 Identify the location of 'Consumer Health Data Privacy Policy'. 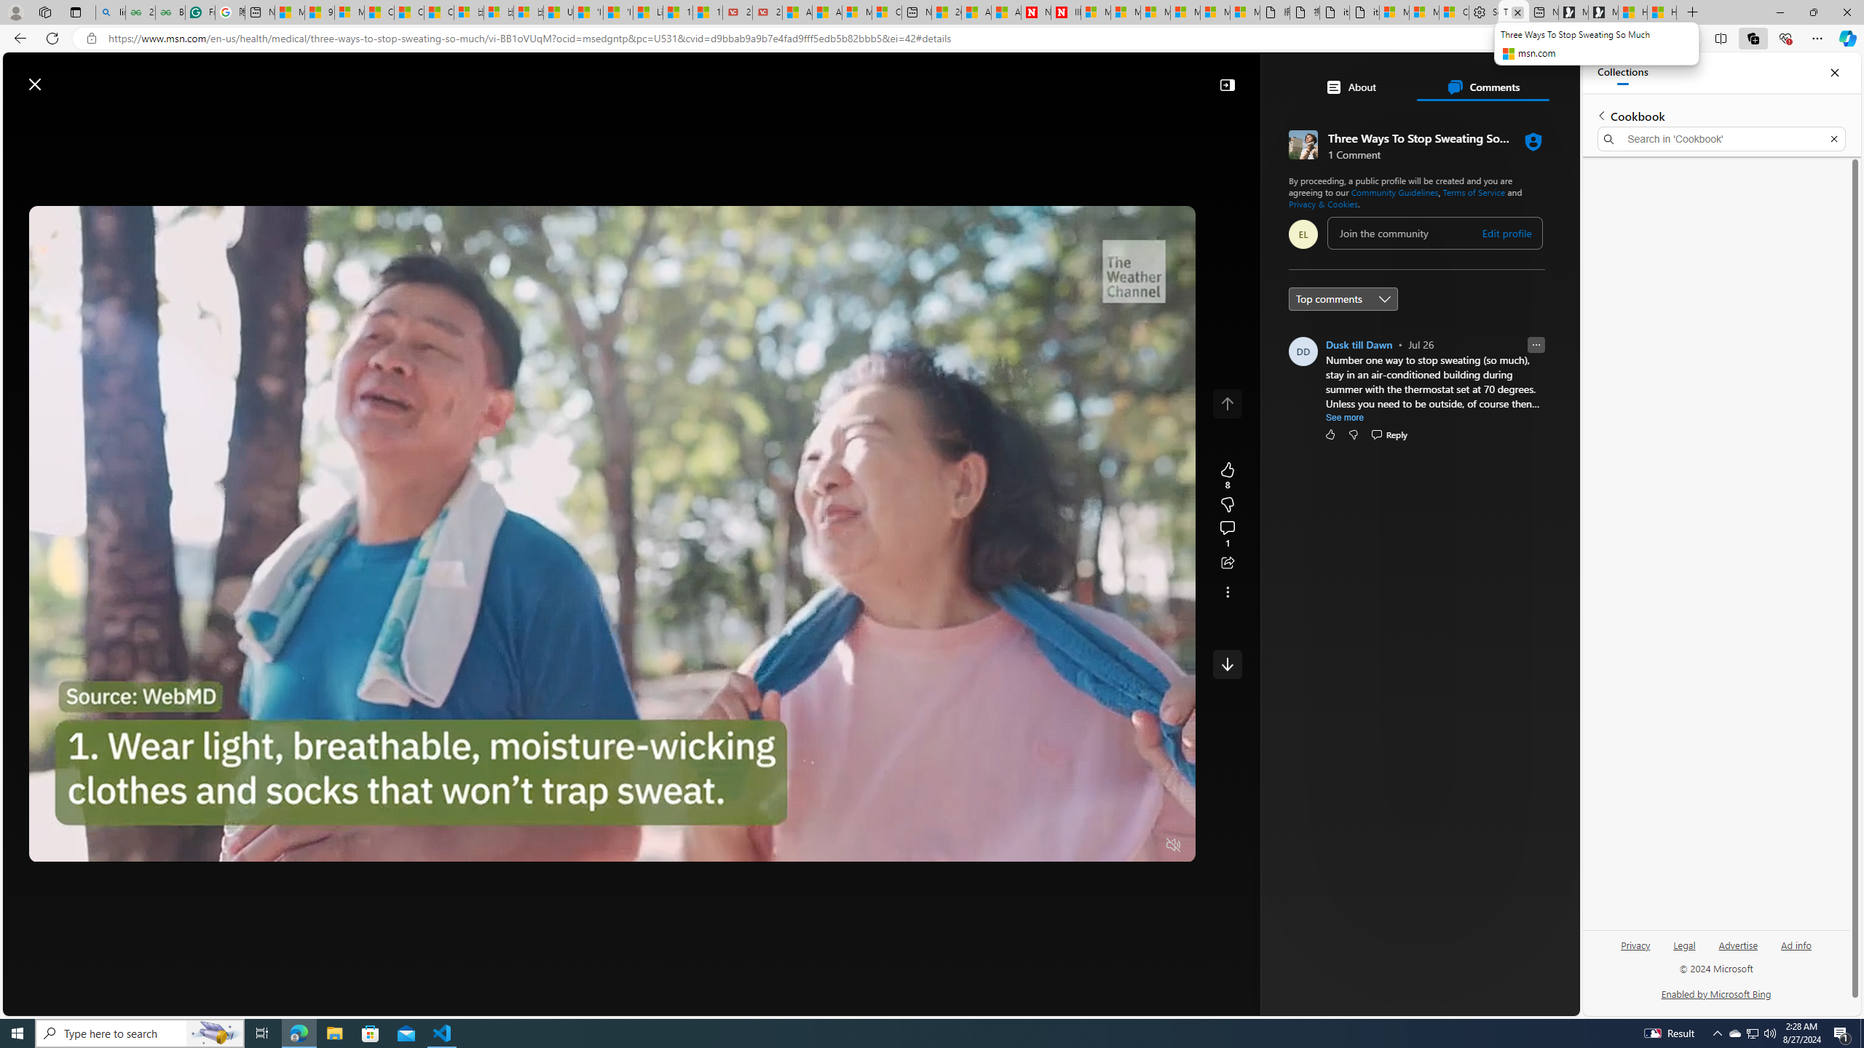
(1453, 12).